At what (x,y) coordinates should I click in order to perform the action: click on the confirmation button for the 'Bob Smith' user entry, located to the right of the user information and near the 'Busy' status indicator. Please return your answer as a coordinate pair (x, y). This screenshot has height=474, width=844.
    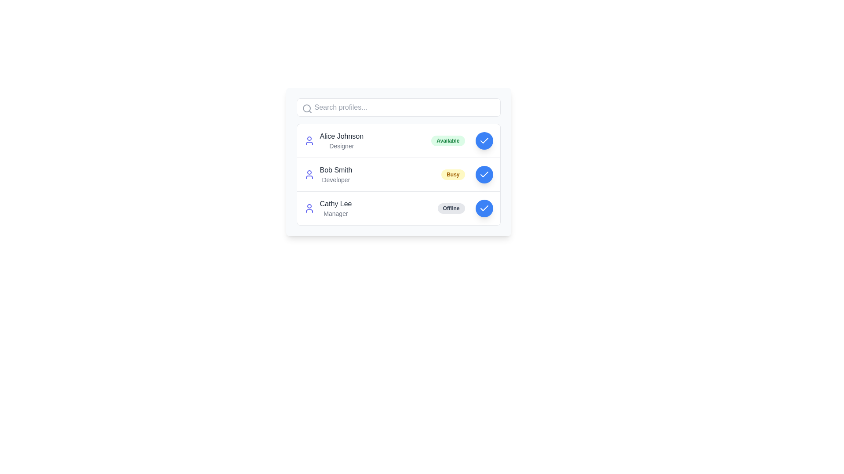
    Looking at the image, I should click on (484, 174).